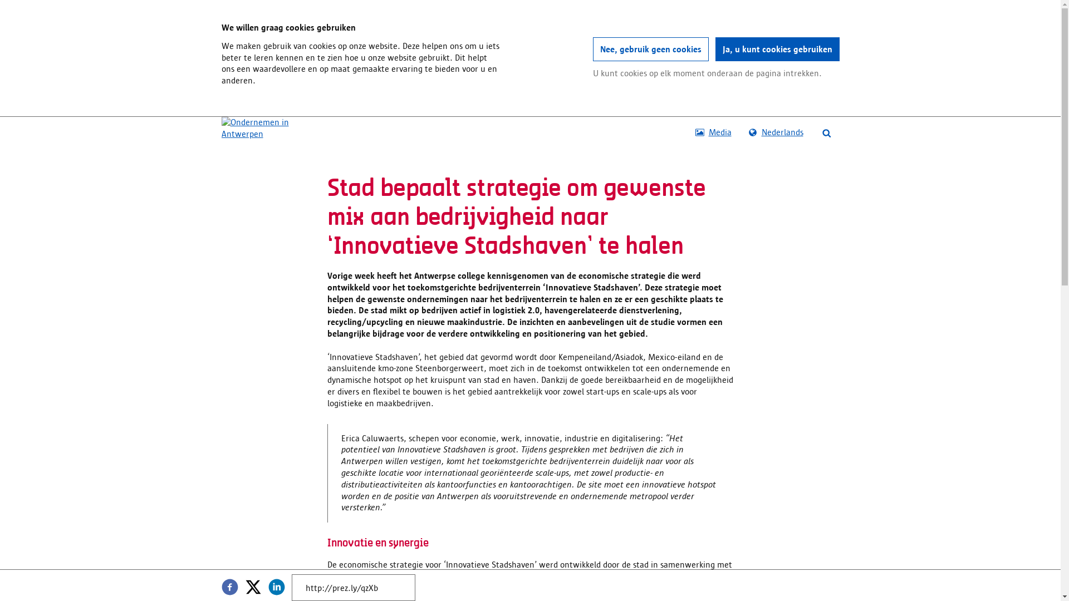 The width and height of the screenshot is (1069, 601). Describe the element at coordinates (774, 132) in the screenshot. I see `'Nederlands'` at that location.